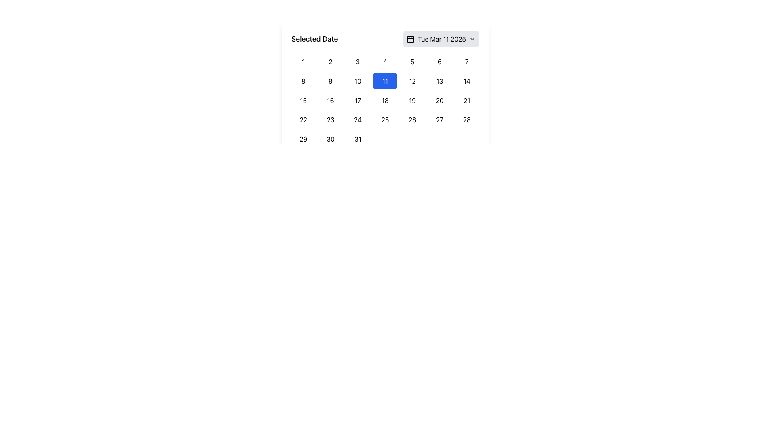  Describe the element at coordinates (385, 100) in the screenshot. I see `the calendar cell displaying the number '18' located in the third row and sixth column of the calendar grid` at that location.